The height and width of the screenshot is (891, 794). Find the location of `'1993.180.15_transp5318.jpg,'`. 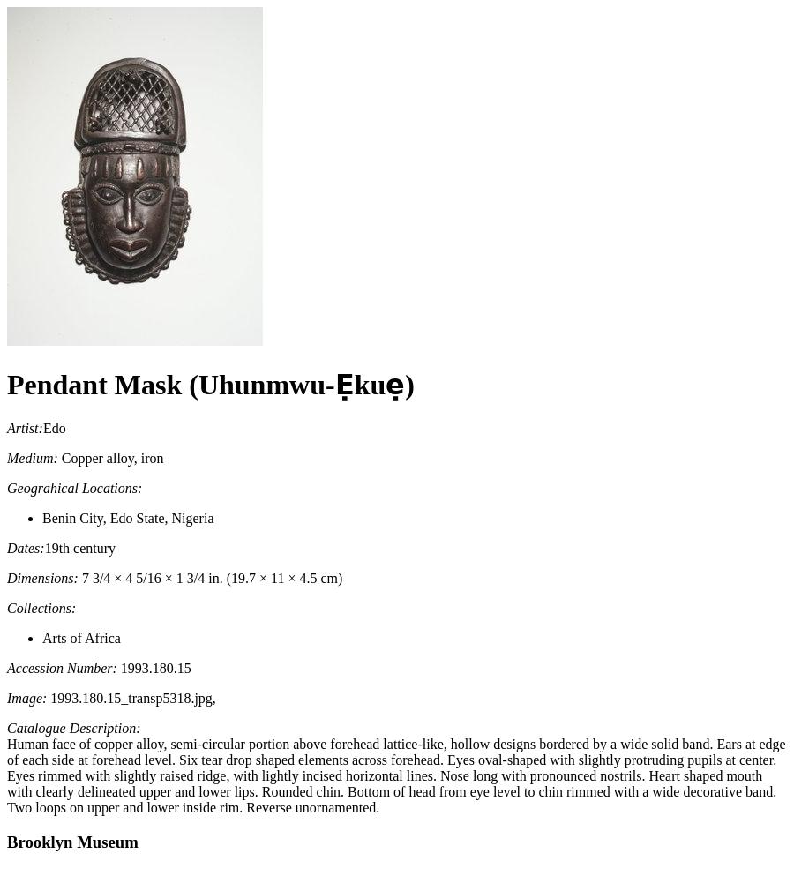

'1993.180.15_transp5318.jpg,' is located at coordinates (131, 697).